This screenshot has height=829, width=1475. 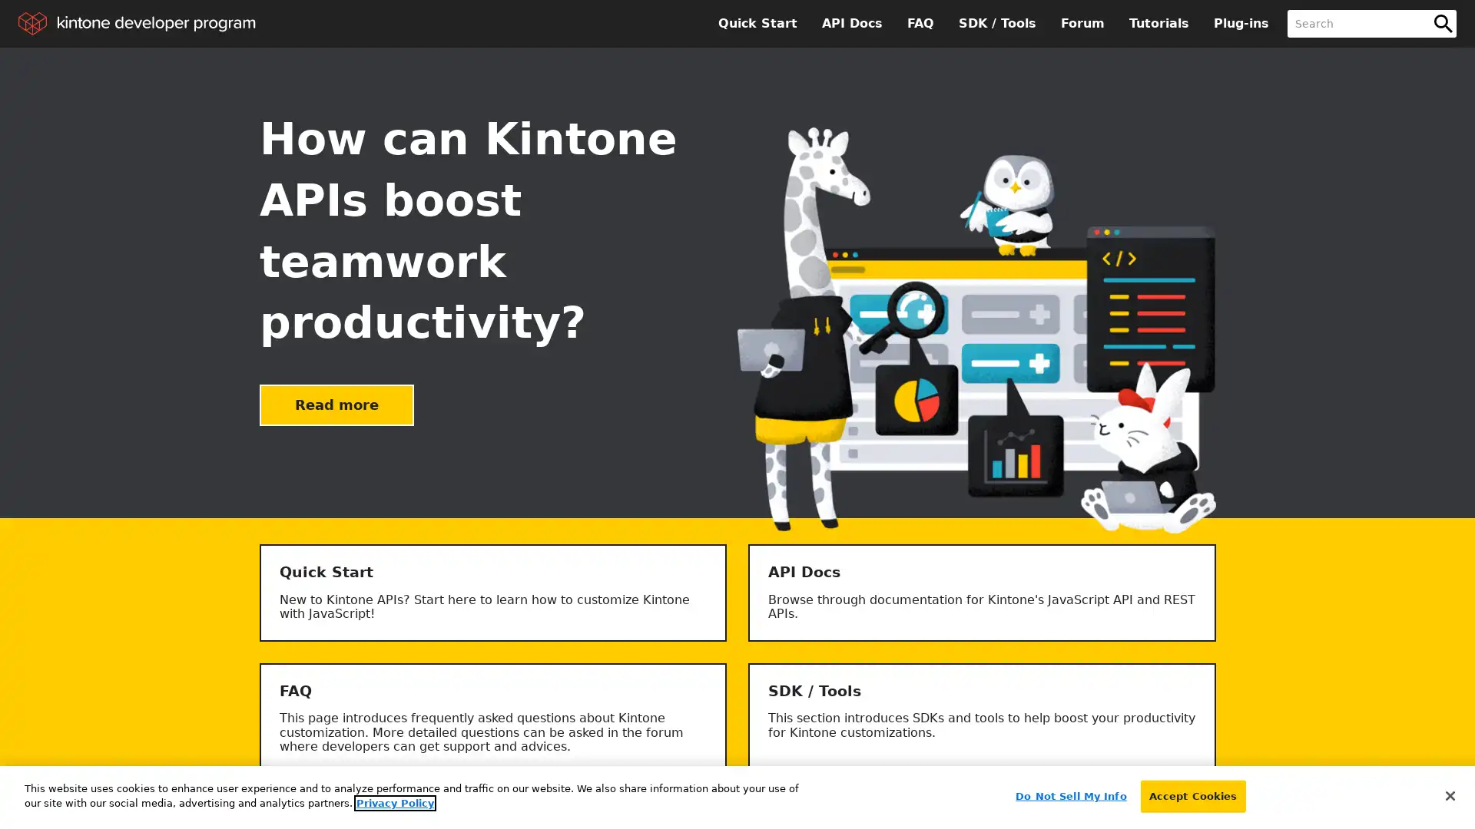 I want to click on Search, so click(x=1442, y=23).